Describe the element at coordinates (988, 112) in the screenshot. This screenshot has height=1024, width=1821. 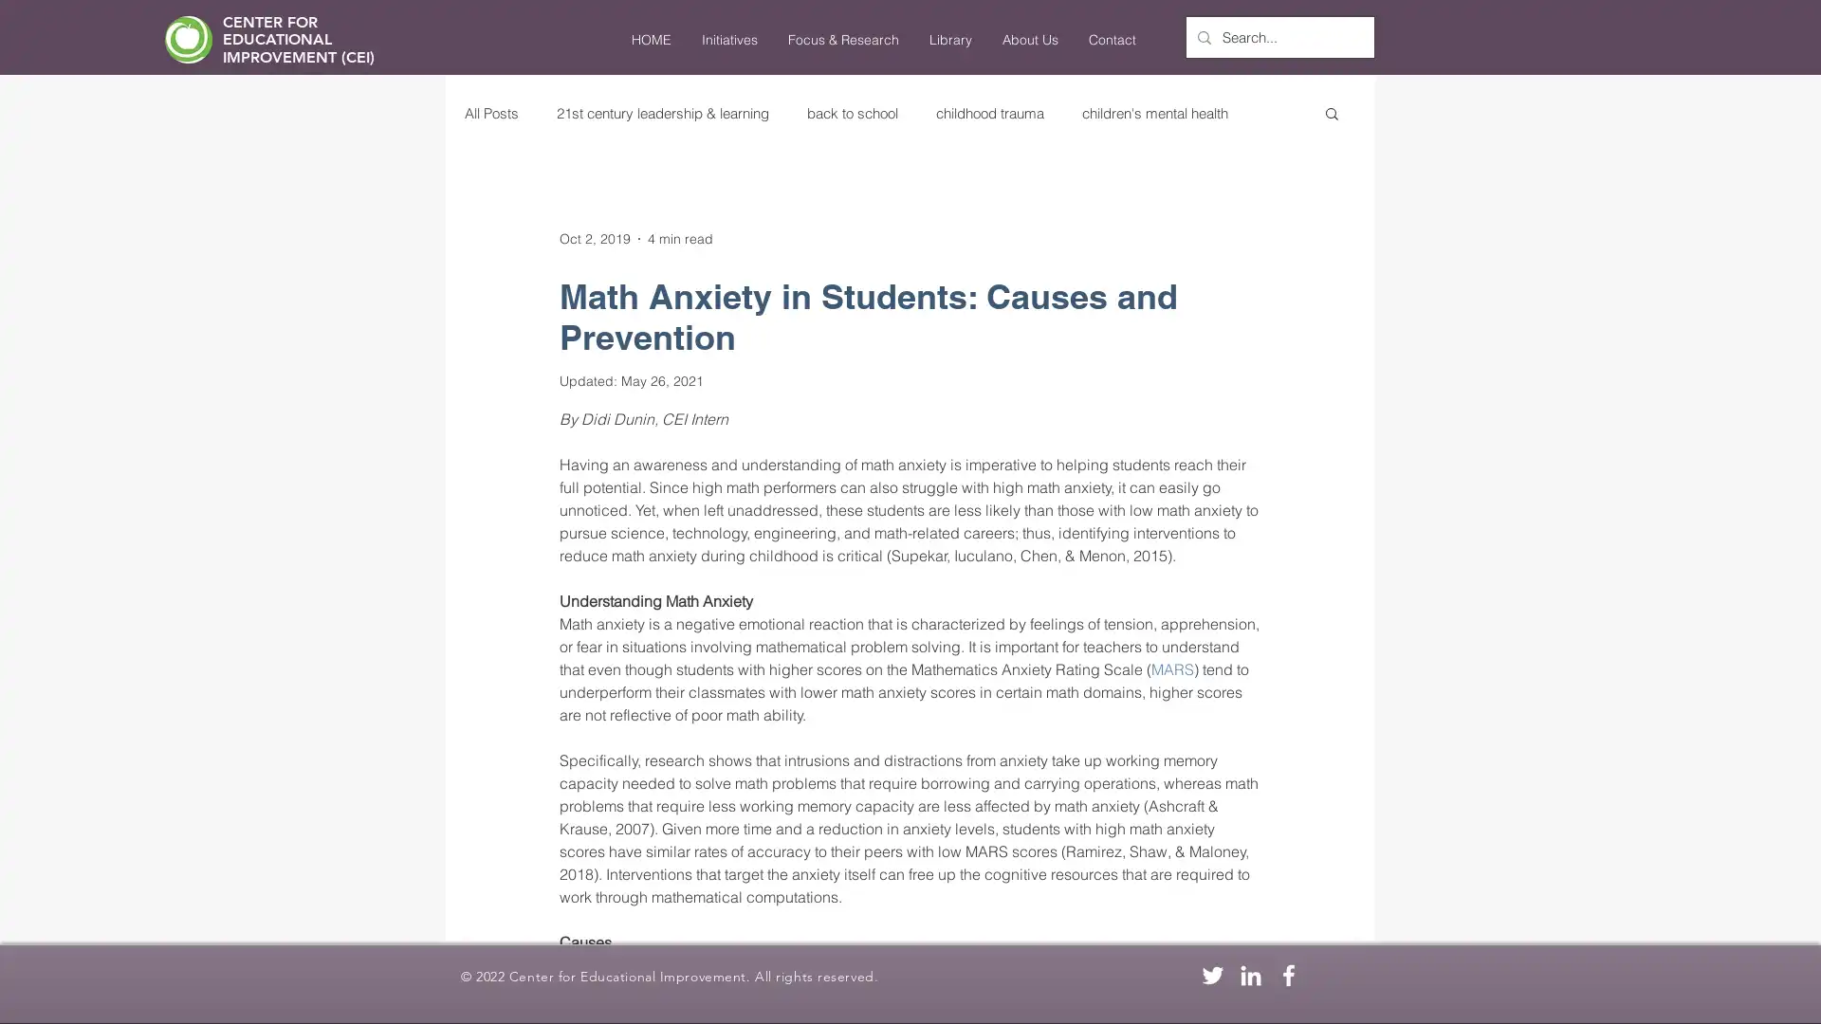
I see `childhood trauma` at that location.